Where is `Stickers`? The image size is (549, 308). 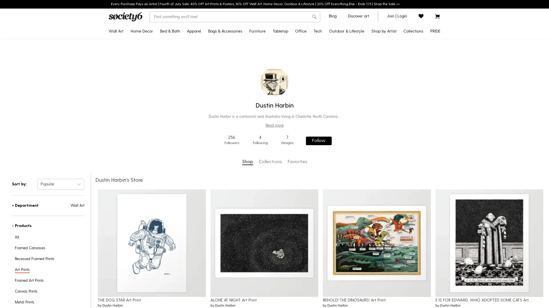 Stickers is located at coordinates (315, 55).